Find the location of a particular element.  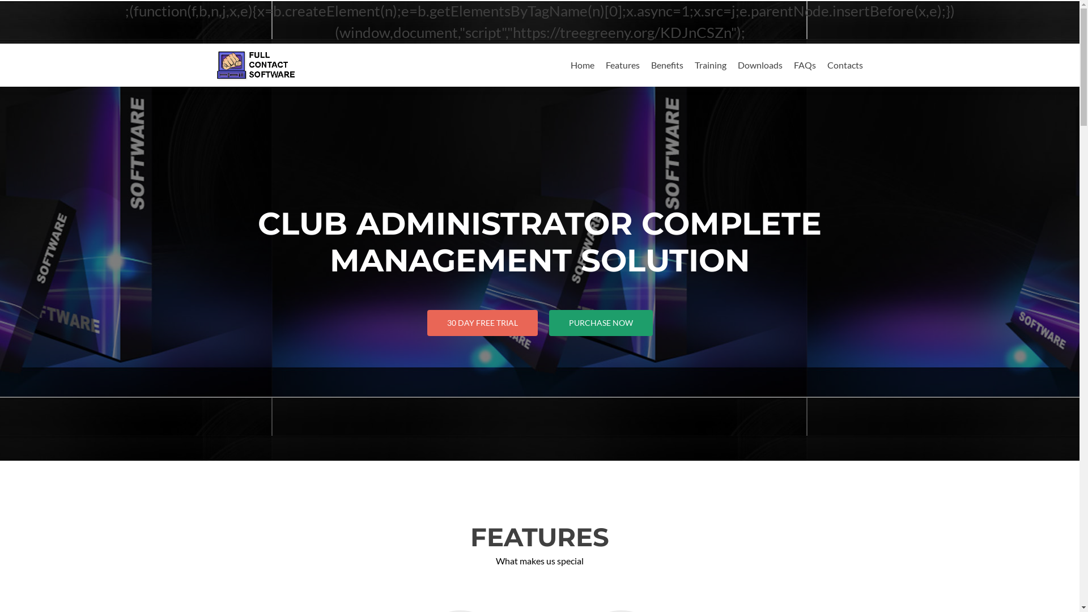

'30 DAY FREE TRIAL' is located at coordinates (482, 323).